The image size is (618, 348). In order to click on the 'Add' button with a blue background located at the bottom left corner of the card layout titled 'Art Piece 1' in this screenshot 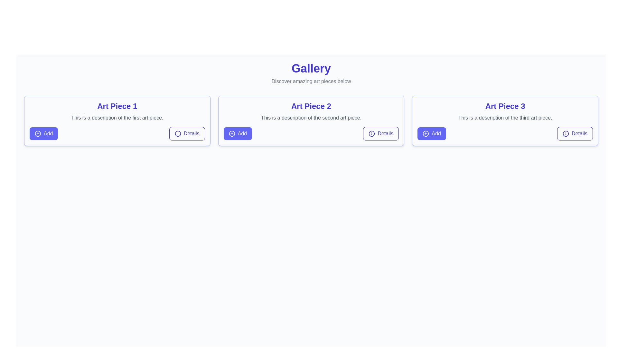, I will do `click(43, 133)`.